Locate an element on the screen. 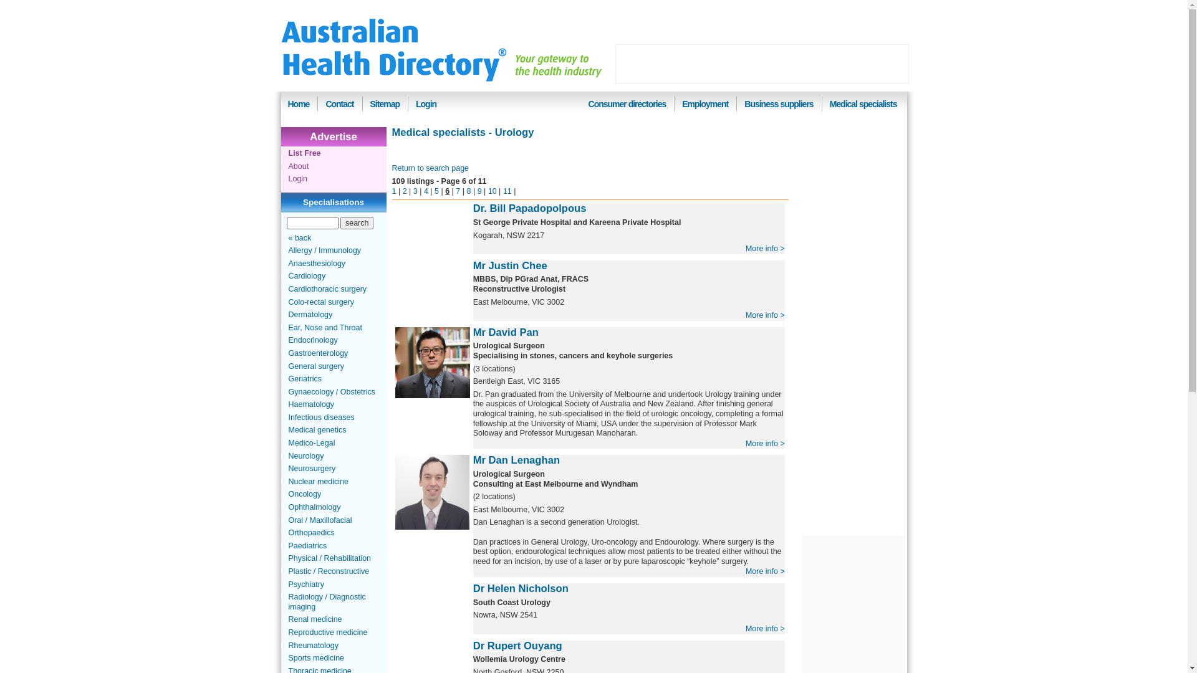  'Specialisations' is located at coordinates (333, 201).